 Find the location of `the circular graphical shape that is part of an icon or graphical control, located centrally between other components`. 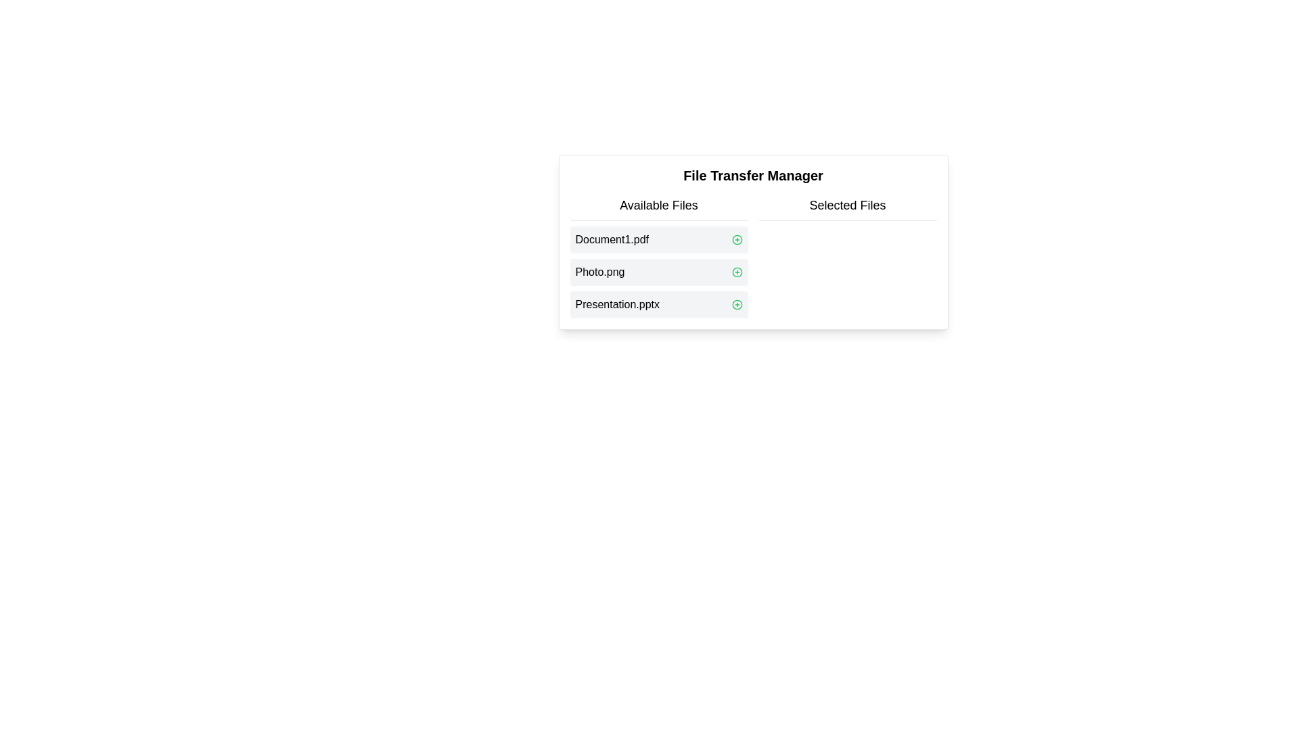

the circular graphical shape that is part of an icon or graphical control, located centrally between other components is located at coordinates (736, 305).